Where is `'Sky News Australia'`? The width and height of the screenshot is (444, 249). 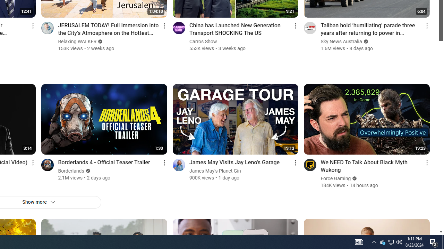
'Sky News Australia' is located at coordinates (341, 41).